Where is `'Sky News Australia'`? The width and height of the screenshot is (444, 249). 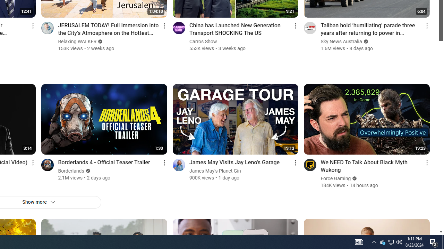
'Sky News Australia' is located at coordinates (341, 41).